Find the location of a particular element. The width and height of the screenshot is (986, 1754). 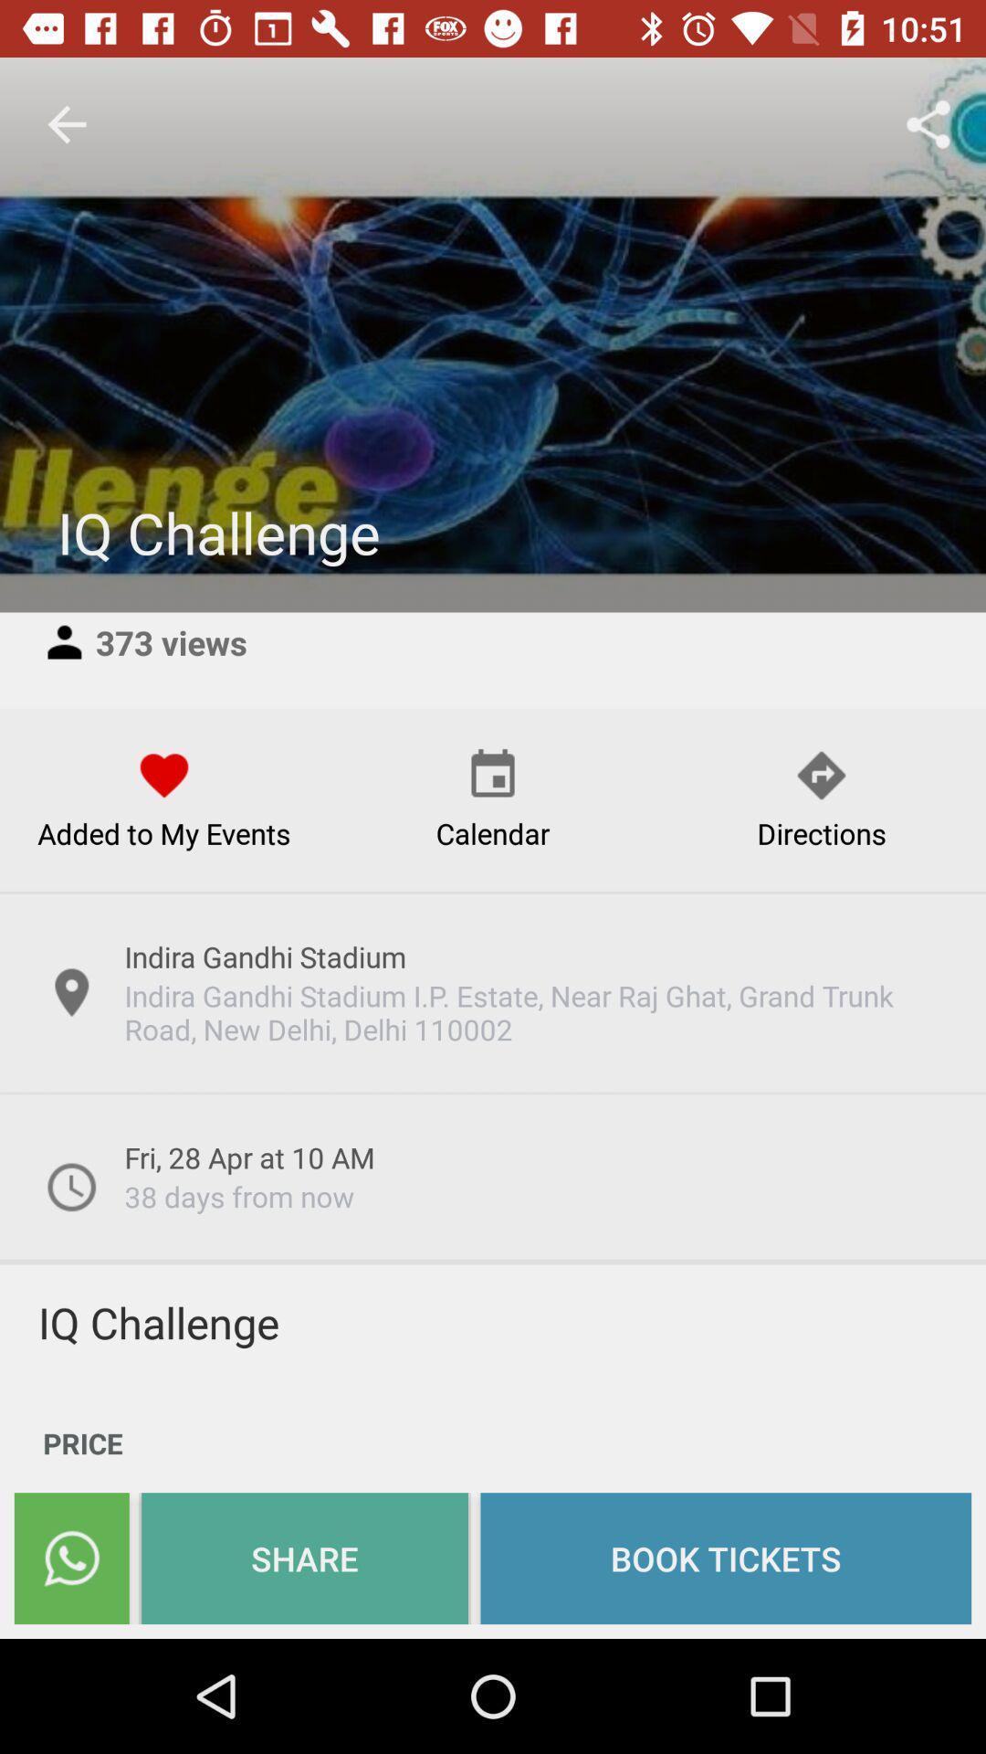

the book tickets text option is located at coordinates (725, 1557).